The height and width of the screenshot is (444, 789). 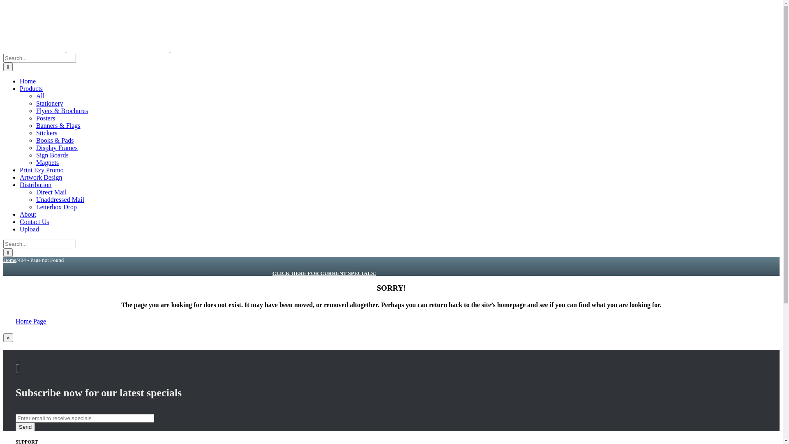 What do you see at coordinates (41, 177) in the screenshot?
I see `'Artwork Design'` at bounding box center [41, 177].